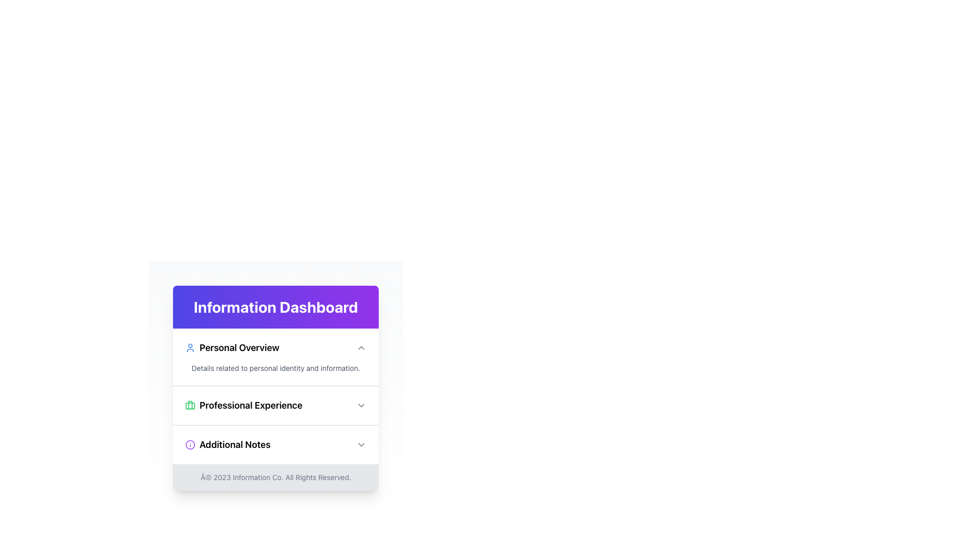 This screenshot has height=551, width=980. Describe the element at coordinates (276, 388) in the screenshot. I see `the navigation elements within the Card component that organizes personal details, professional experiences, and additional notes` at that location.